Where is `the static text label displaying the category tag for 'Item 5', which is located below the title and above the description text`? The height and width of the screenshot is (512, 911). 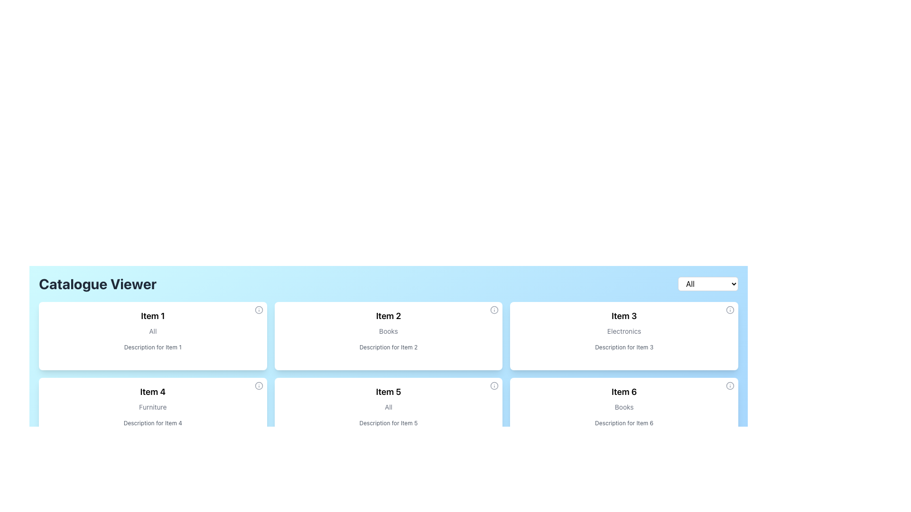
the static text label displaying the category tag for 'Item 5', which is located below the title and above the description text is located at coordinates (389, 407).